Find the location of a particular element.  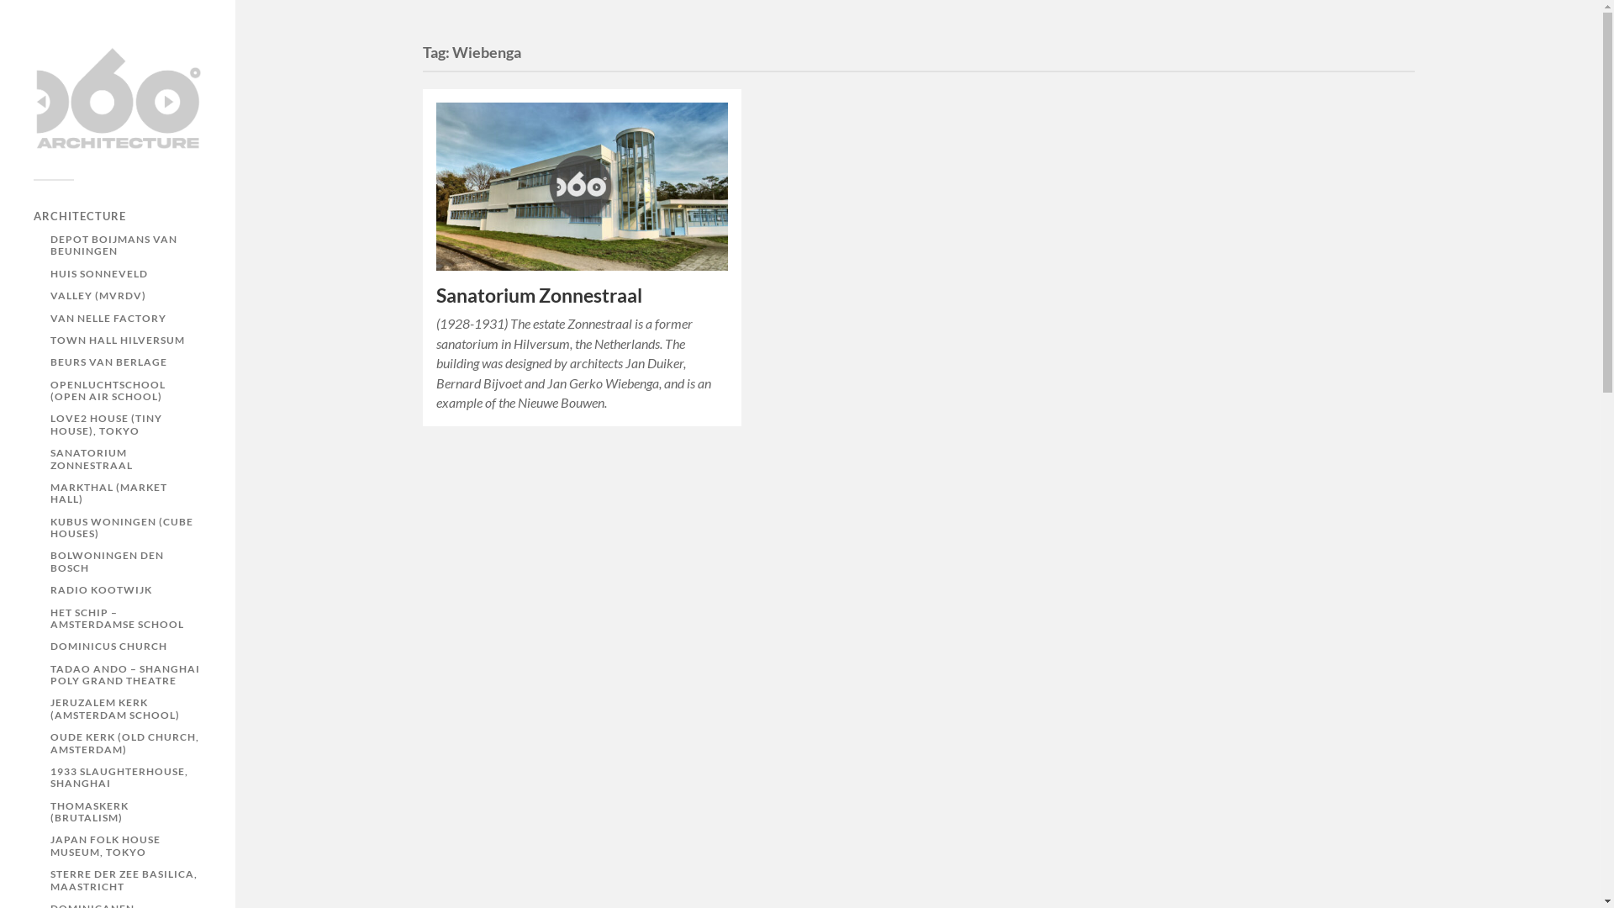

'VAN NELLE FACTORY' is located at coordinates (108, 318).